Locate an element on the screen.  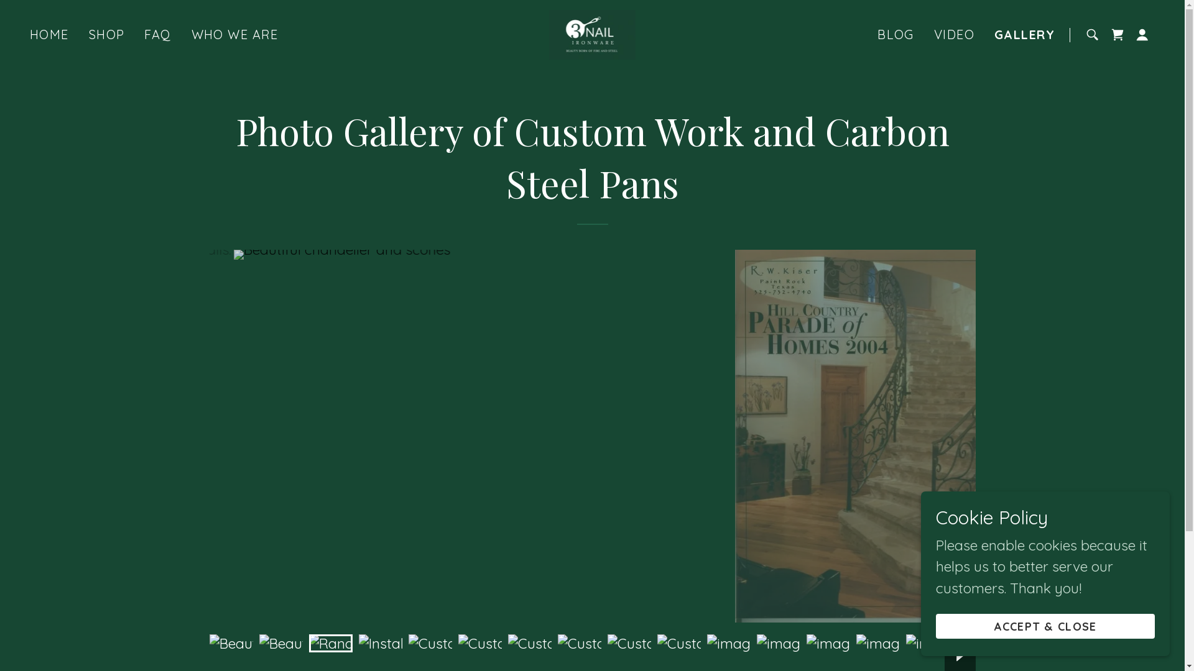
'3 Nail Ironware' is located at coordinates (592, 32).